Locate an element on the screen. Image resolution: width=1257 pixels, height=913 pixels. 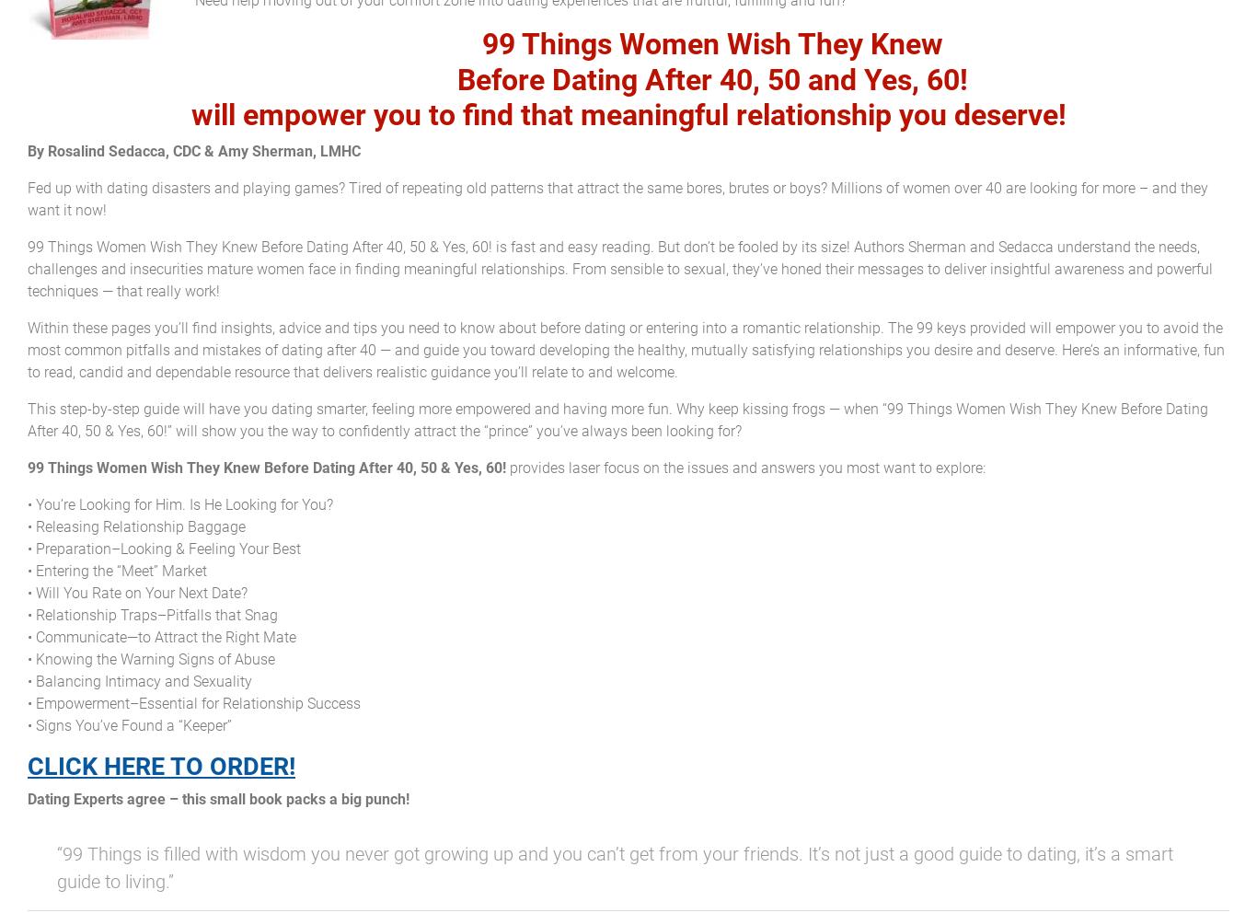
'99 Things Women Wish They Knew Before Dating After 40, 50 & Yes, 60!' is located at coordinates (267, 466).